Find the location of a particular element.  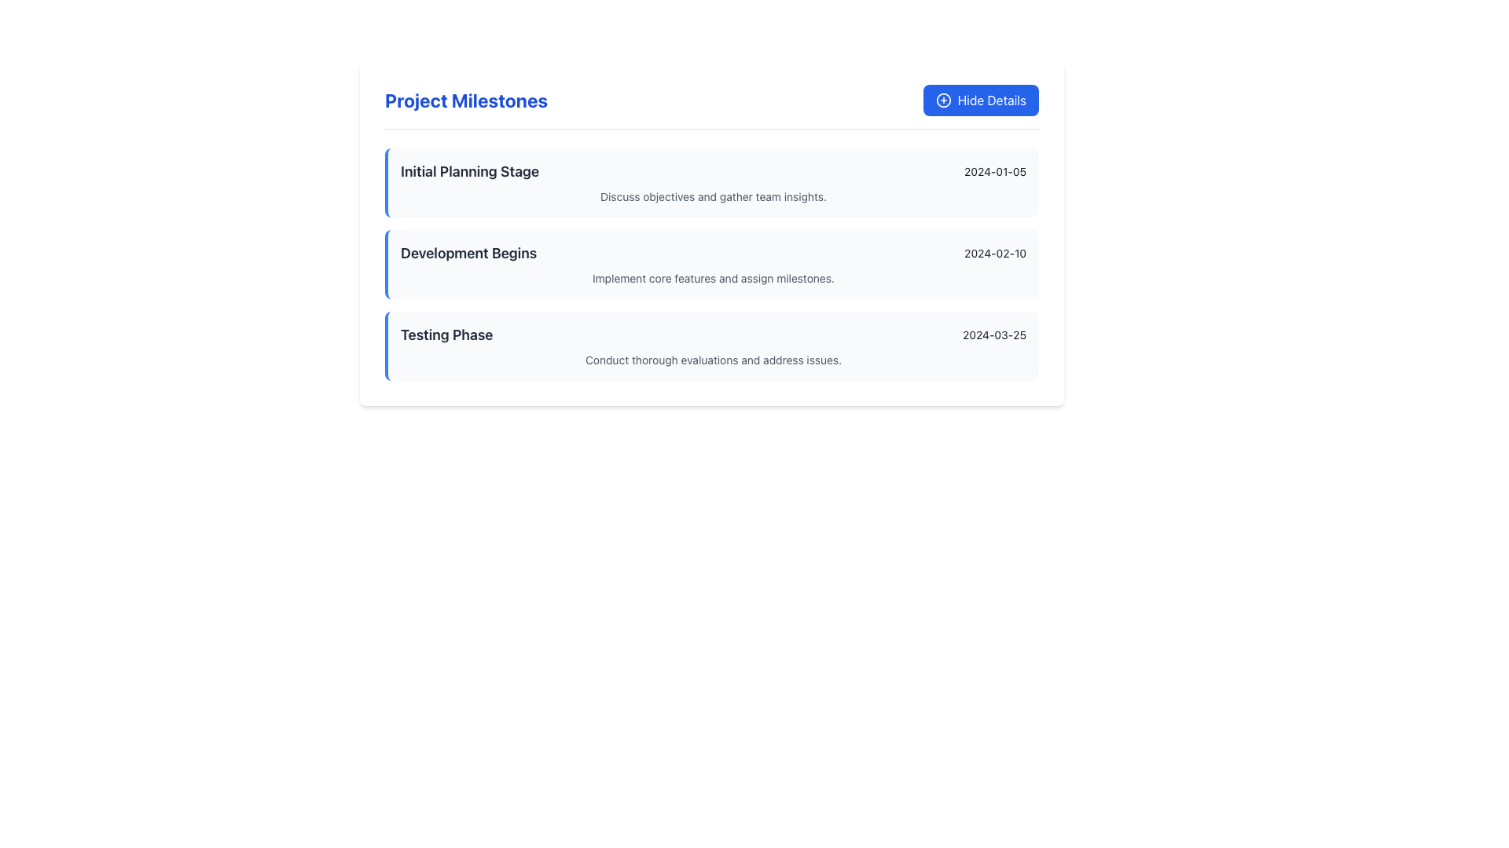

the text label displaying '2024-02-10' which is positioned to the far right of 'Development Begins' in the 'Project Milestones' section is located at coordinates (994, 253).